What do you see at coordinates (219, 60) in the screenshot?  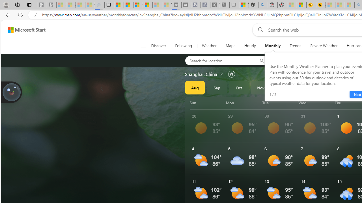 I see `'Search for location'` at bounding box center [219, 60].